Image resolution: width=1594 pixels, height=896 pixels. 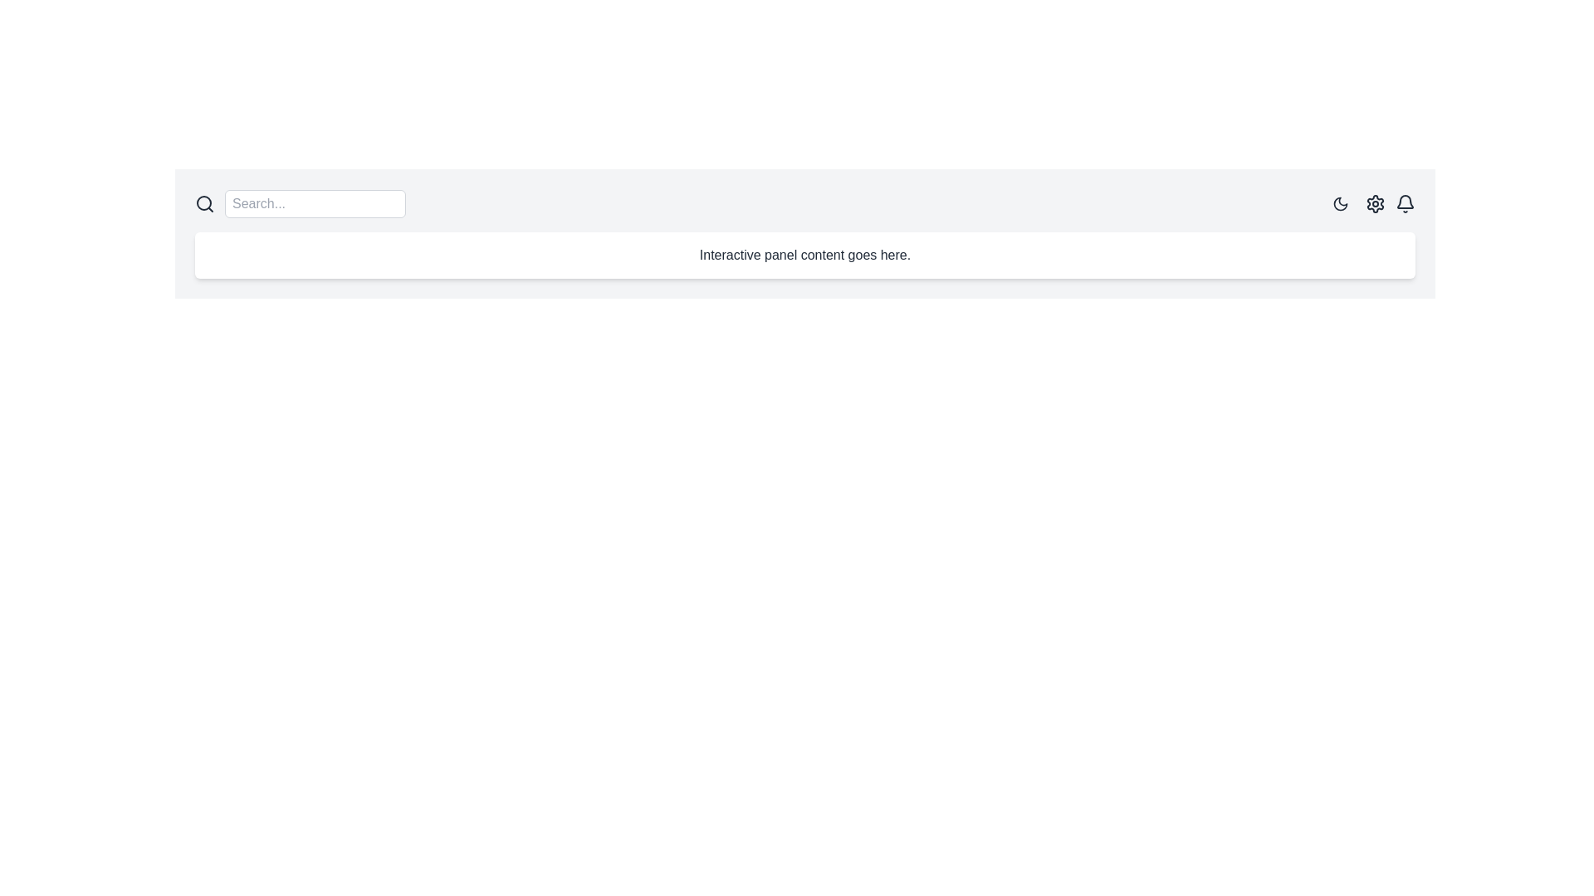 What do you see at coordinates (1405, 203) in the screenshot?
I see `the bell icon, which serves as a notification indicator located on the rightmost side of the header bar` at bounding box center [1405, 203].